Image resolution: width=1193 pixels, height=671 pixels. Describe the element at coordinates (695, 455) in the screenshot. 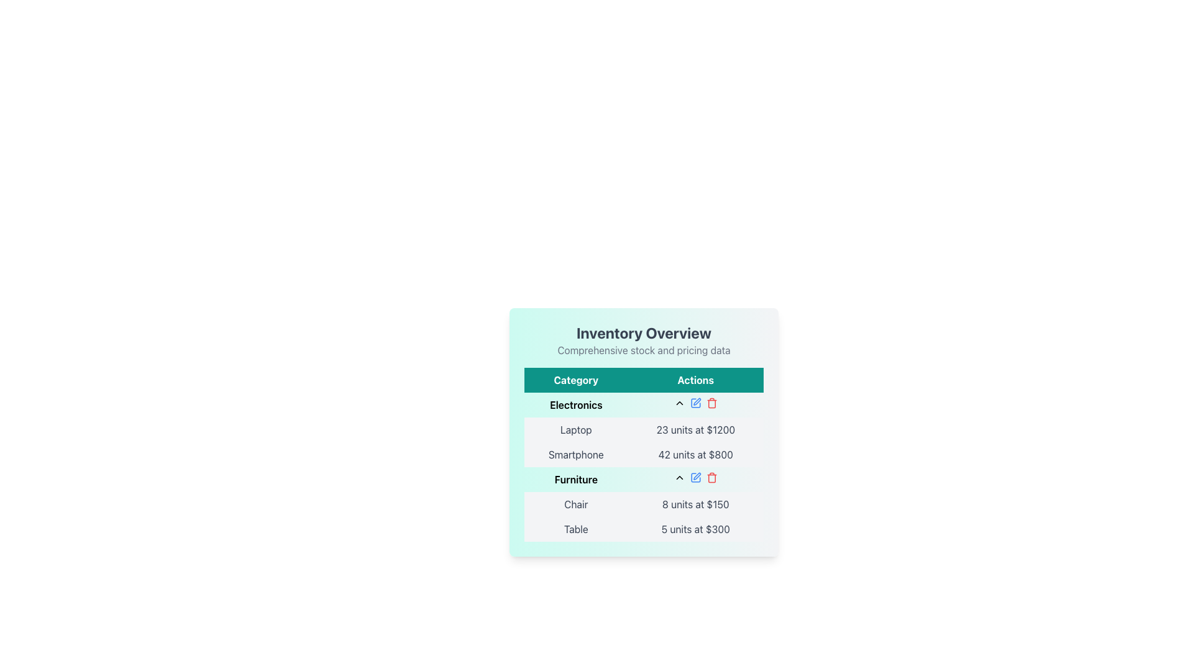

I see `the text label displaying '42 units at $800' located in the 'Electronics' category of the 'Inventory Overview' table, next to the 'Smartphone' label` at that location.